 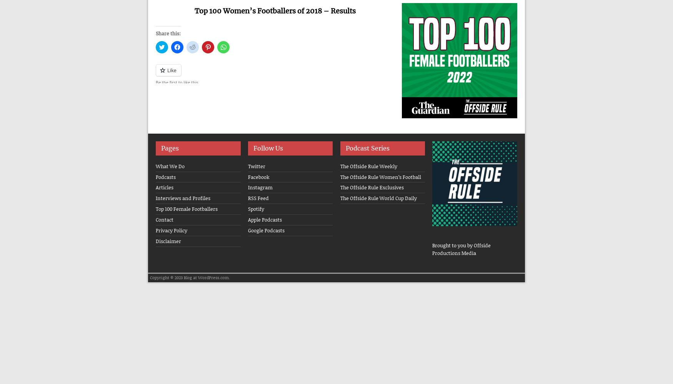 What do you see at coordinates (378, 198) in the screenshot?
I see `'The Offside Rule World Cup Daily'` at bounding box center [378, 198].